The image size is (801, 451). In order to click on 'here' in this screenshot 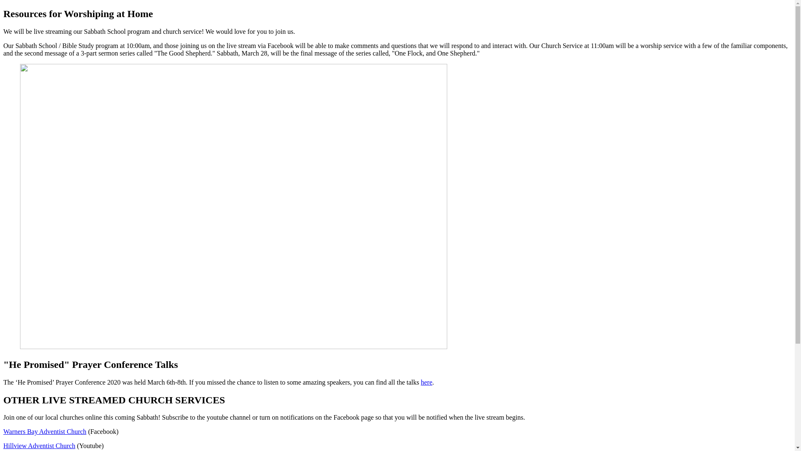, I will do `click(426, 382)`.